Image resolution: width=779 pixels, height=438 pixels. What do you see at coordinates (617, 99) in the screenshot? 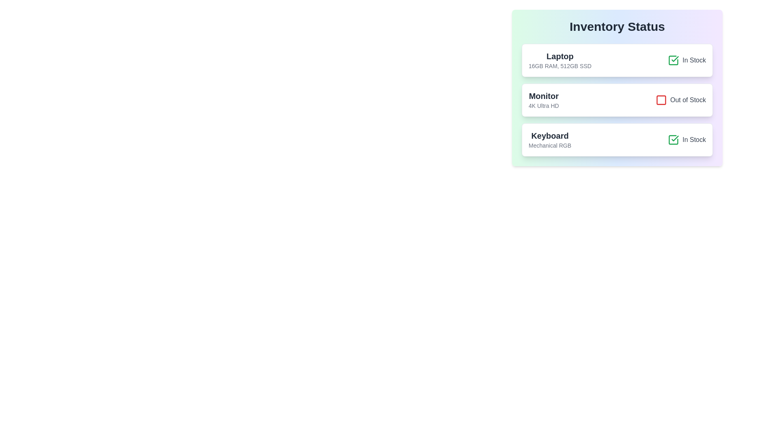
I see `the stock status of the inventory item 'Monitor' which indicates 'Out of Stock'` at bounding box center [617, 99].